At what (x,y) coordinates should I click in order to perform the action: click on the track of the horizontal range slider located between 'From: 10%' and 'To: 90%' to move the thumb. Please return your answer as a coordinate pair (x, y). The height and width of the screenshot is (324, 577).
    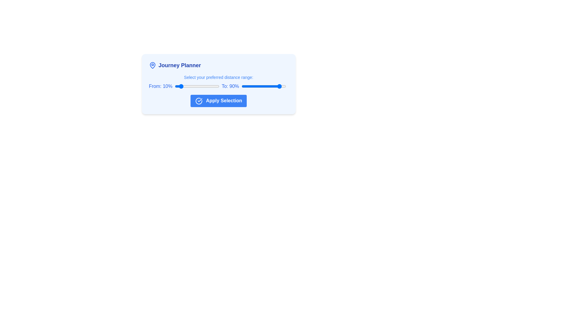
    Looking at the image, I should click on (197, 86).